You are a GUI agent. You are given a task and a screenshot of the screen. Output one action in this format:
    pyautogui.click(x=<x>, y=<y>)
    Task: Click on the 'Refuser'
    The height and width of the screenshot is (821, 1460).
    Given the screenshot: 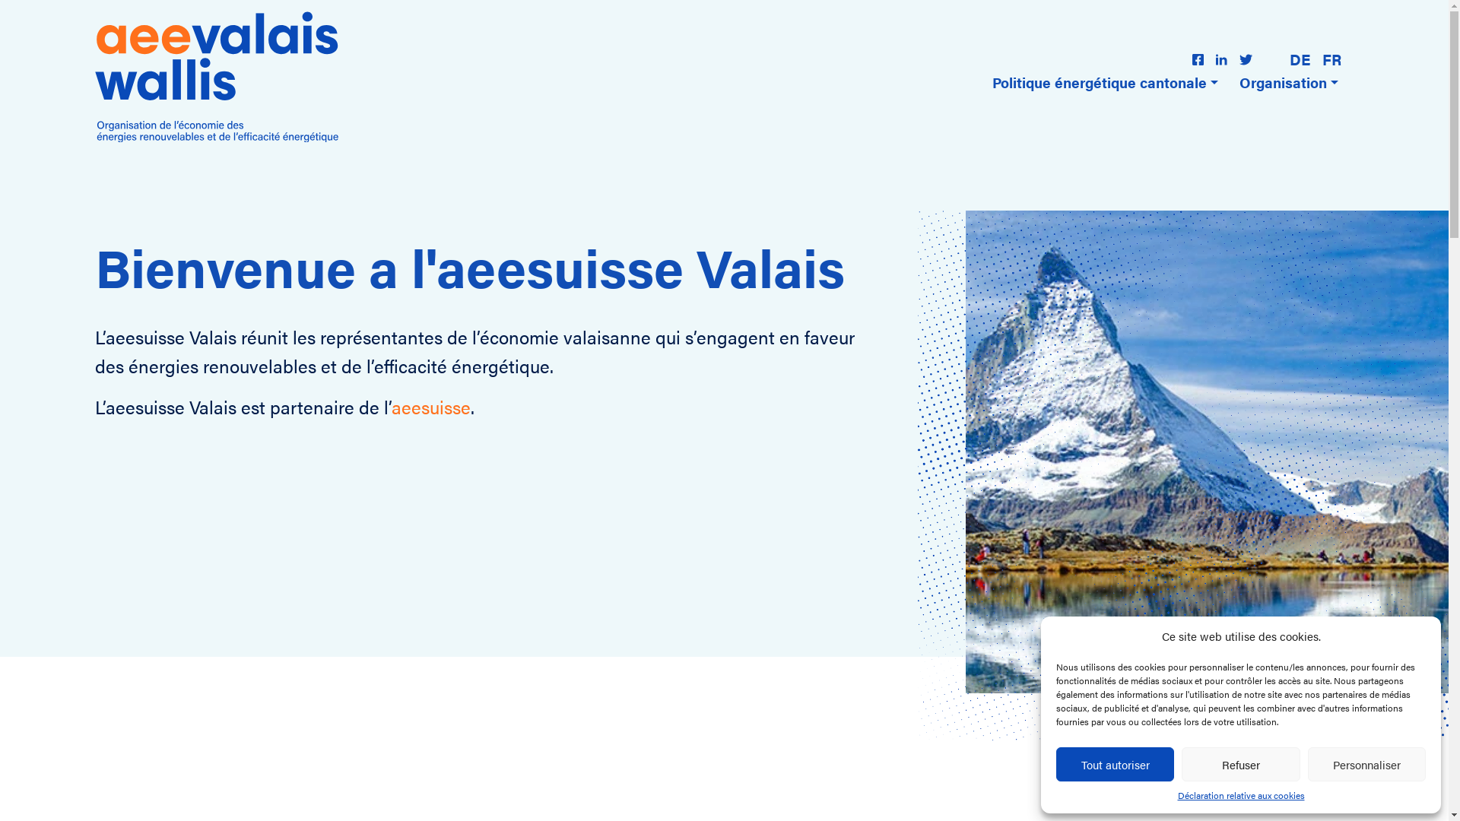 What is the action you would take?
    pyautogui.click(x=1240, y=764)
    